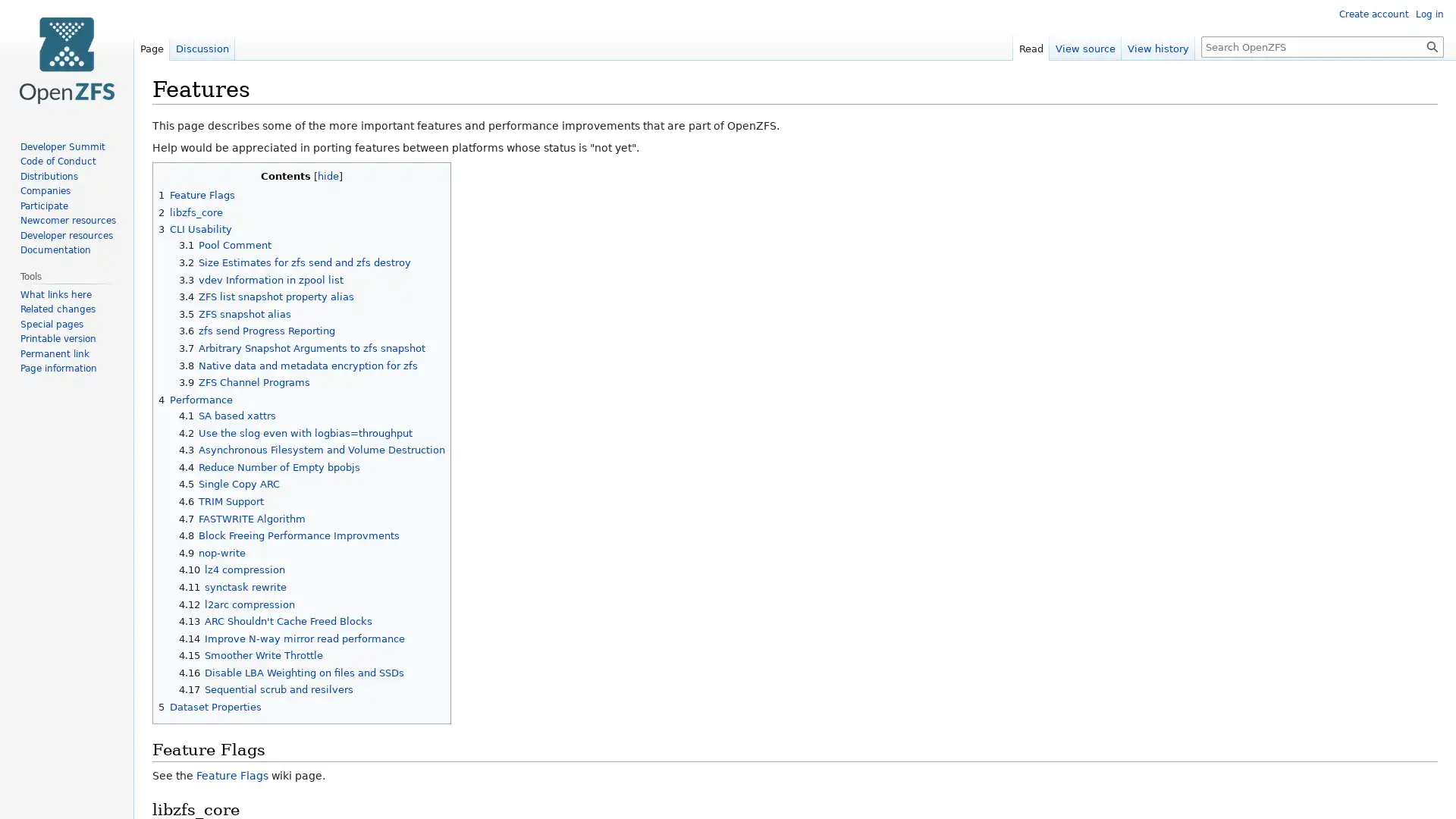 This screenshot has width=1456, height=819. I want to click on Go, so click(1432, 45).